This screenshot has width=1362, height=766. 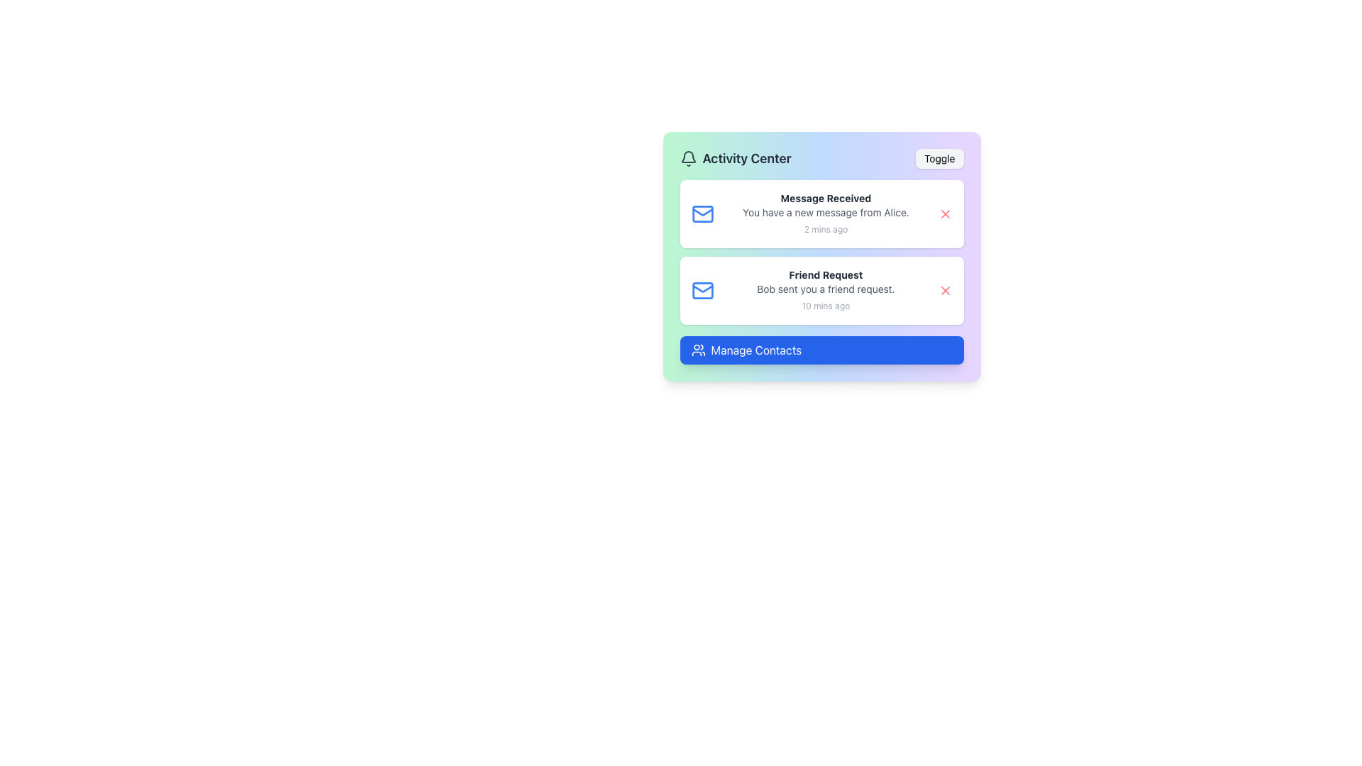 I want to click on the text label that serves as a navigation button for managing contacts in the 'Activity Center' section to trigger hover effects, so click(x=755, y=350).